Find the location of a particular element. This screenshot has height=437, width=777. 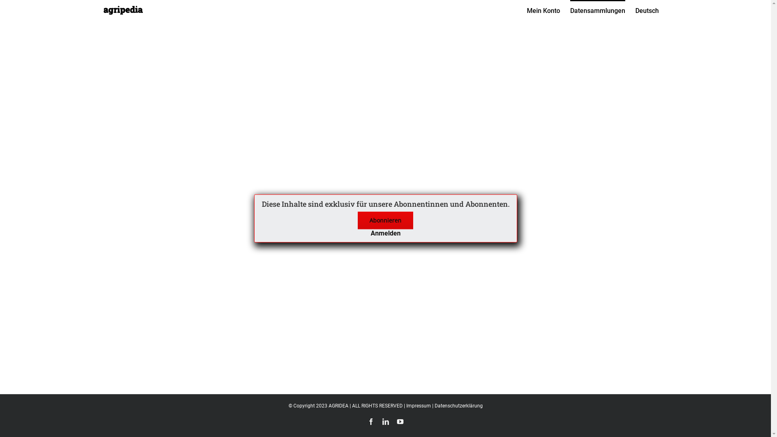

'Anmelden' is located at coordinates (385, 233).